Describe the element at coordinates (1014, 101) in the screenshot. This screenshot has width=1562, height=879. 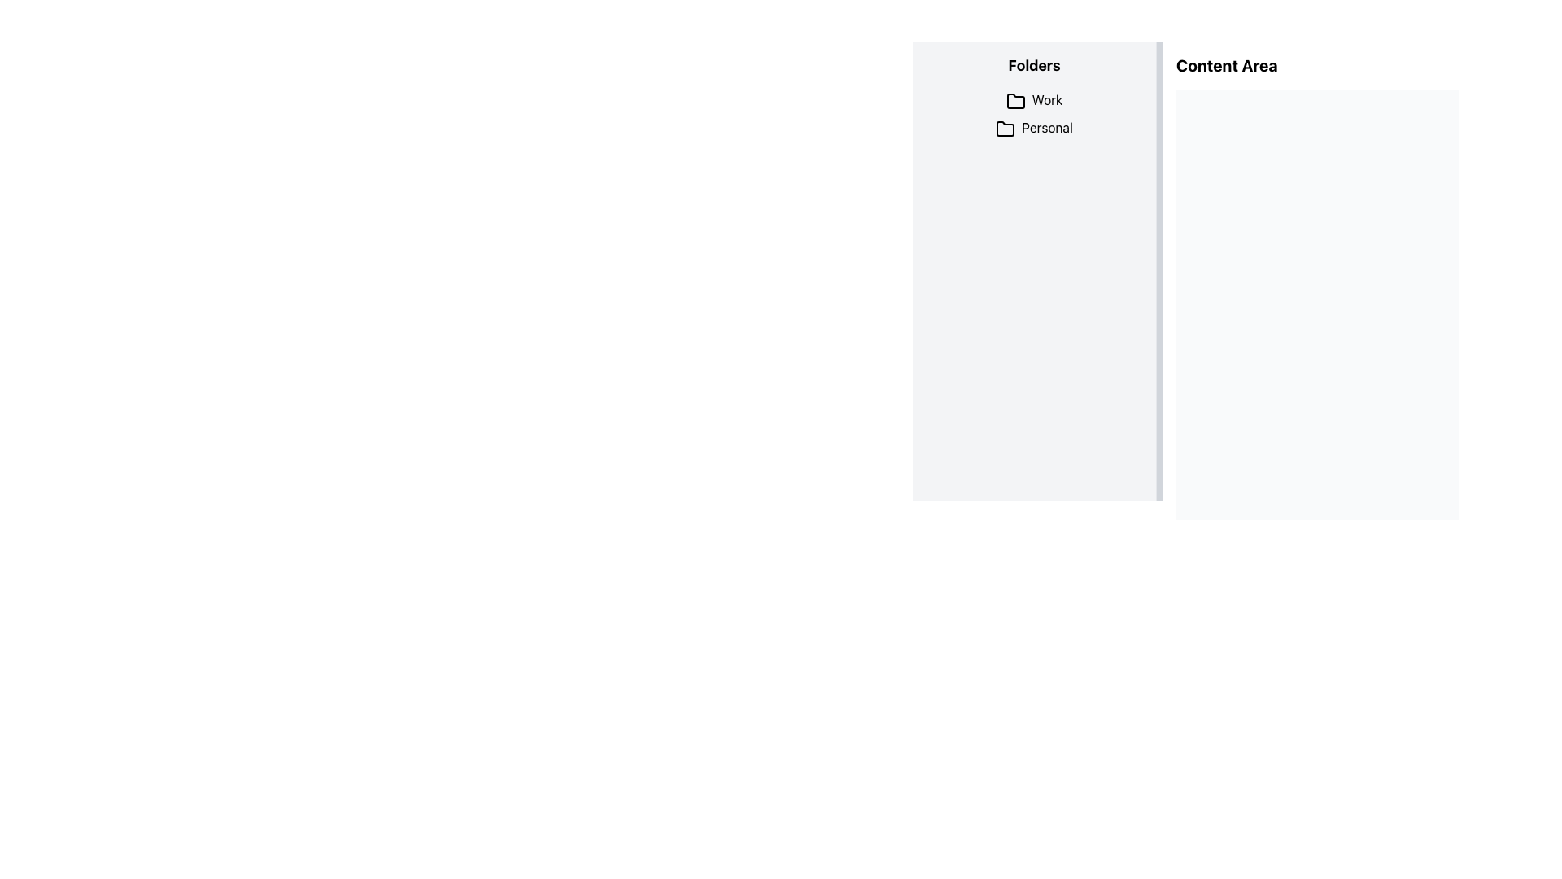
I see `the 'Work' folder icon located` at that location.